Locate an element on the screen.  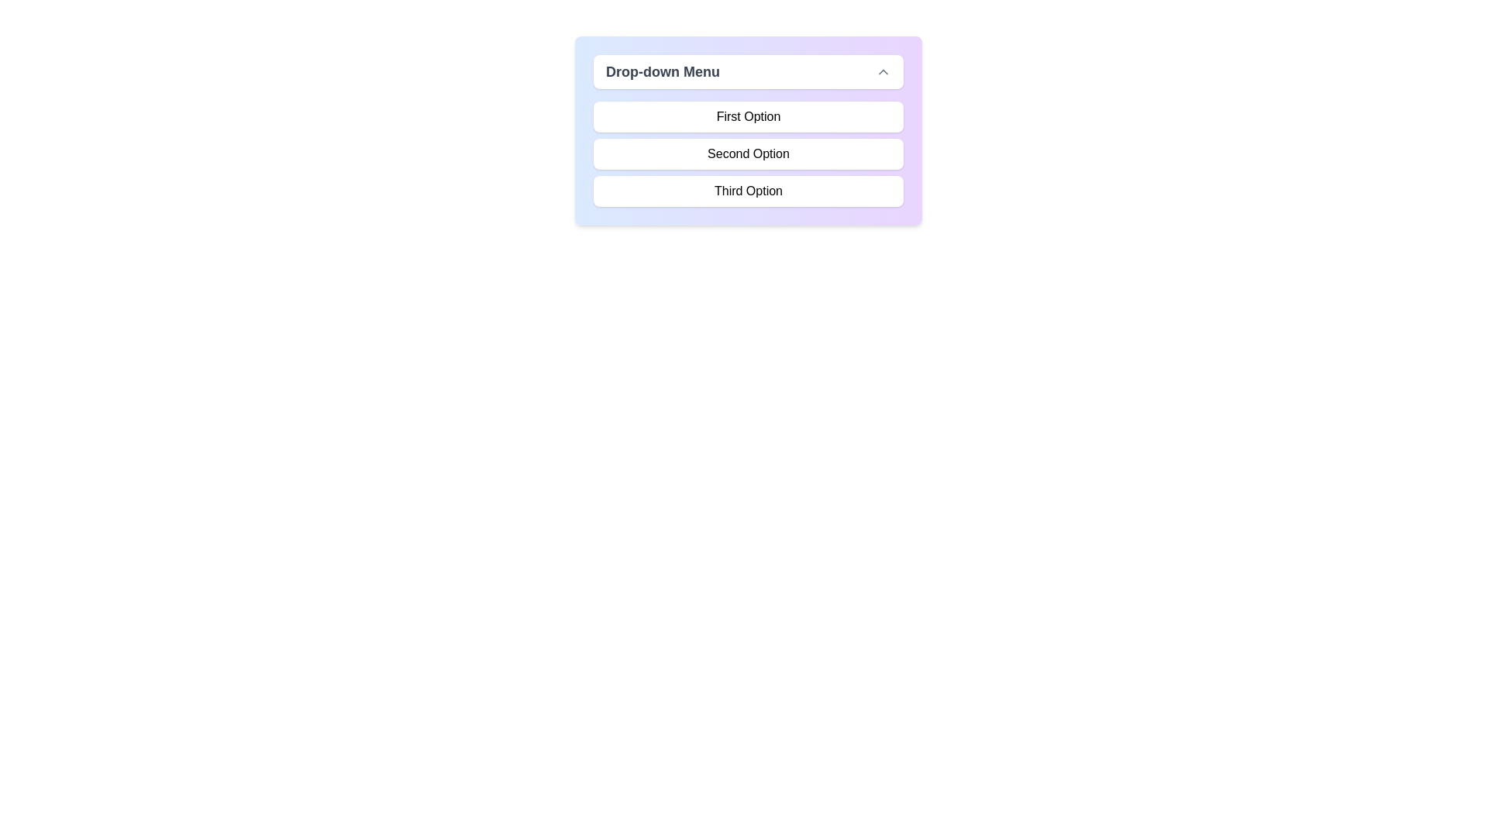
the upward-pointing chevron icon button in the top-right corner of the 'Drop-down Menu' header is located at coordinates (883, 71).